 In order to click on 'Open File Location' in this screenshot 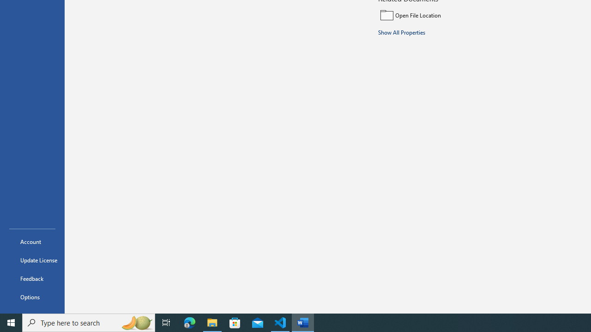, I will do `click(440, 15)`.